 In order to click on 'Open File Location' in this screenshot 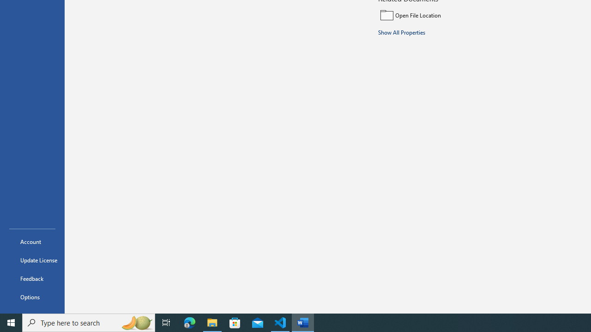, I will do `click(440, 15)`.